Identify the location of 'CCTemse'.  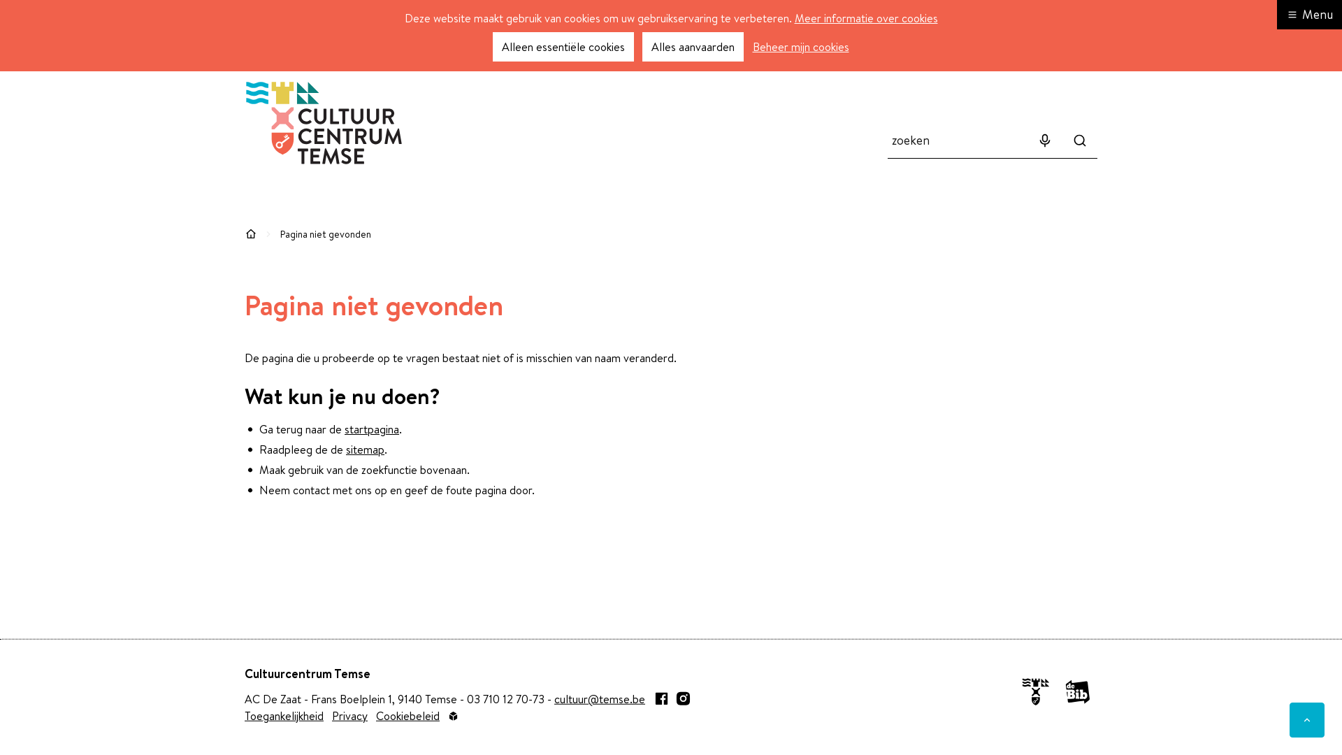
(323, 122).